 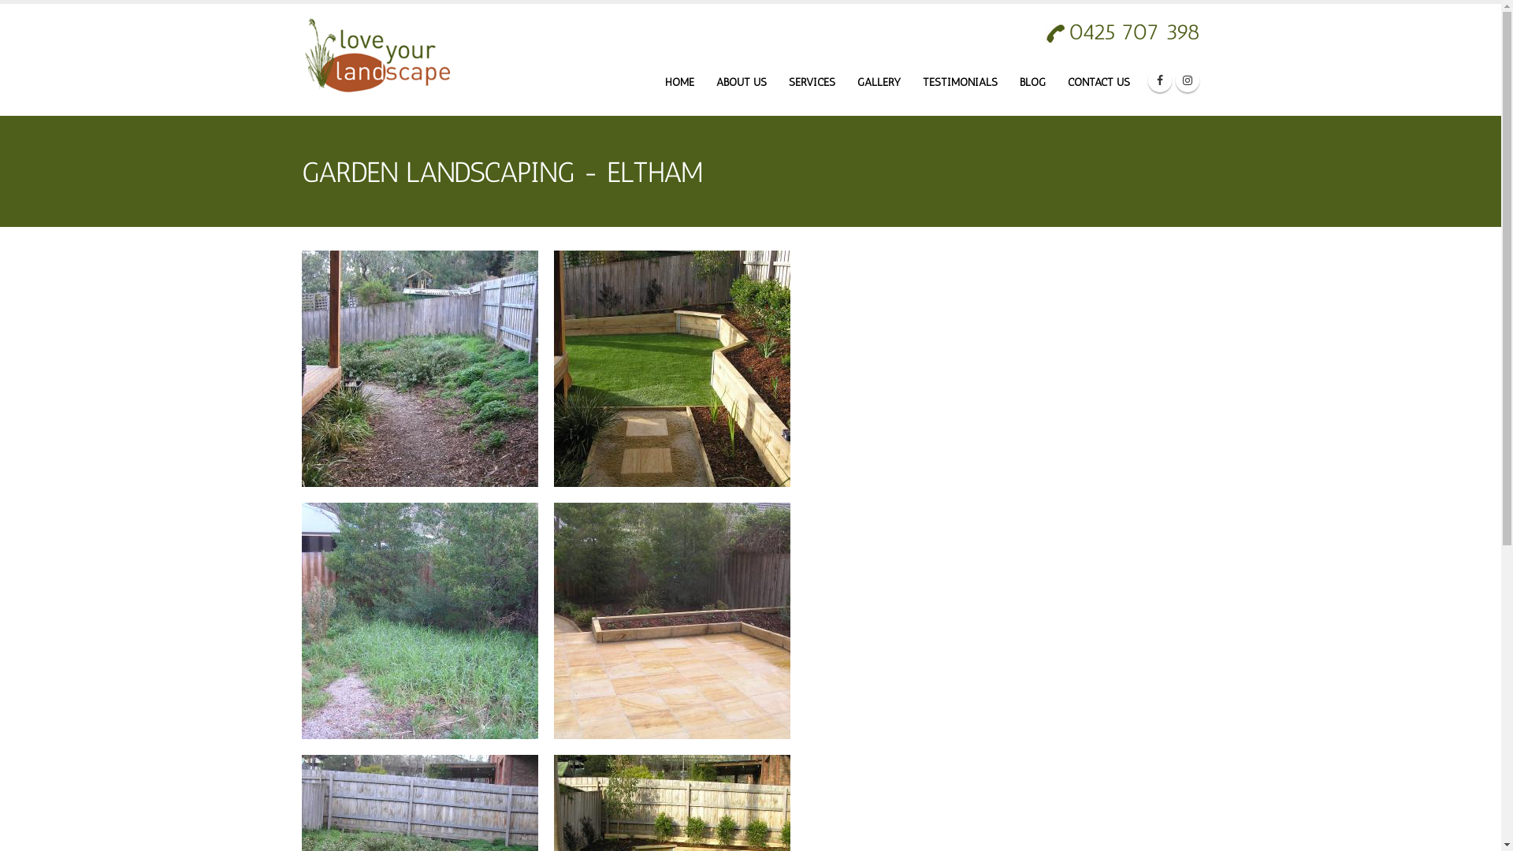 I want to click on 'BLOG', so click(x=1032, y=82).